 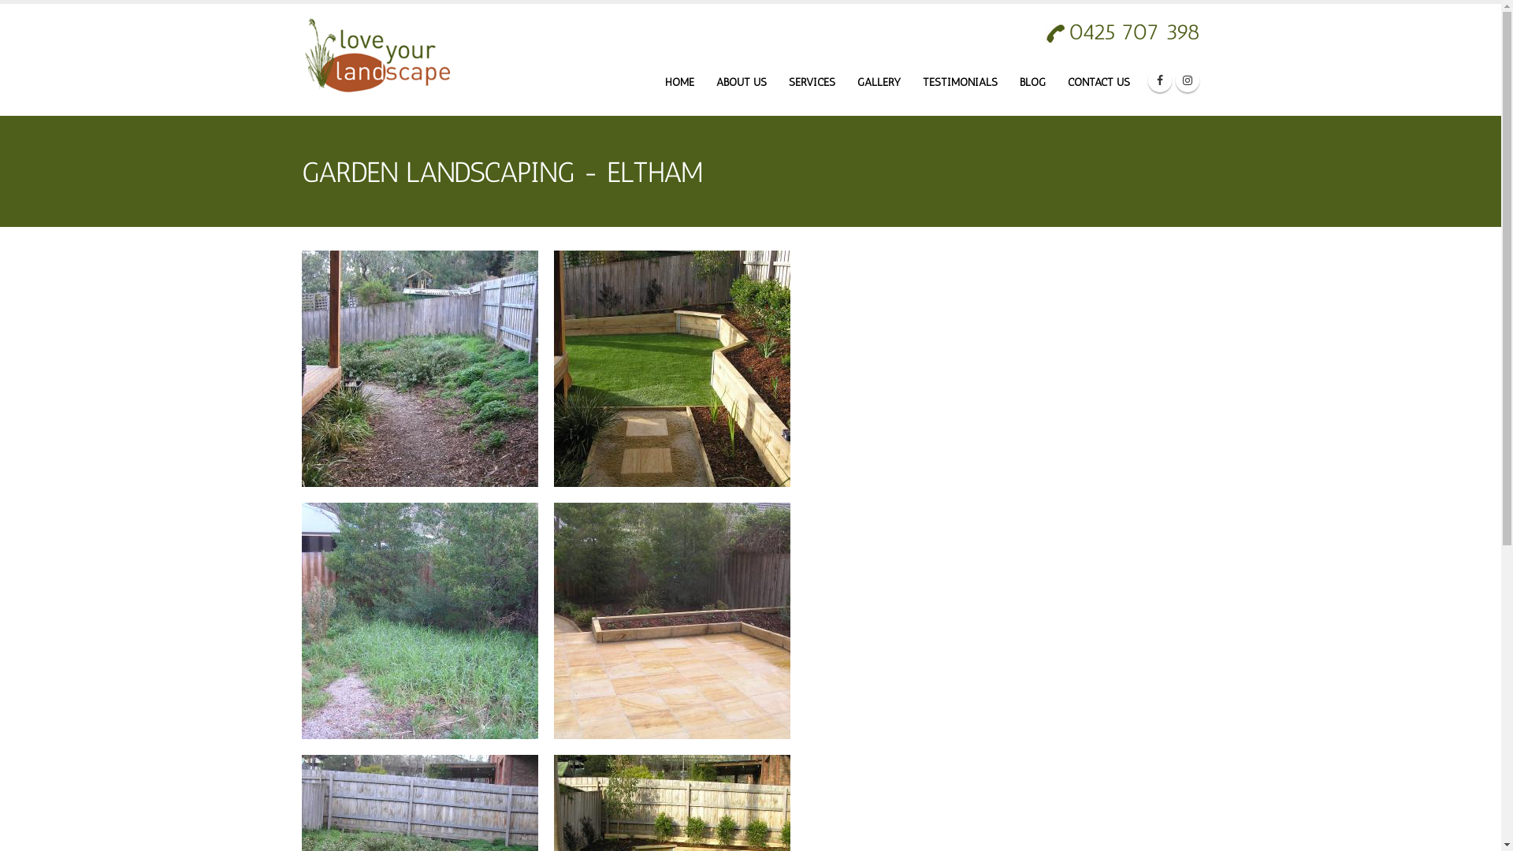 I want to click on 'BLOG', so click(x=1032, y=82).